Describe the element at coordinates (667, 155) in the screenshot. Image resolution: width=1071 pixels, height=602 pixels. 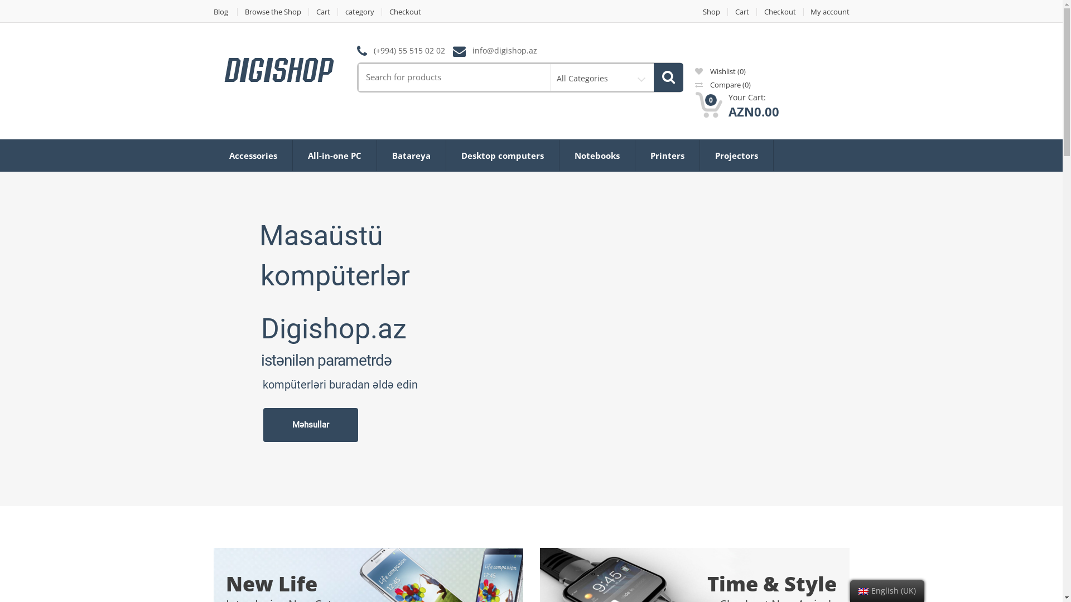
I see `'Printers'` at that location.